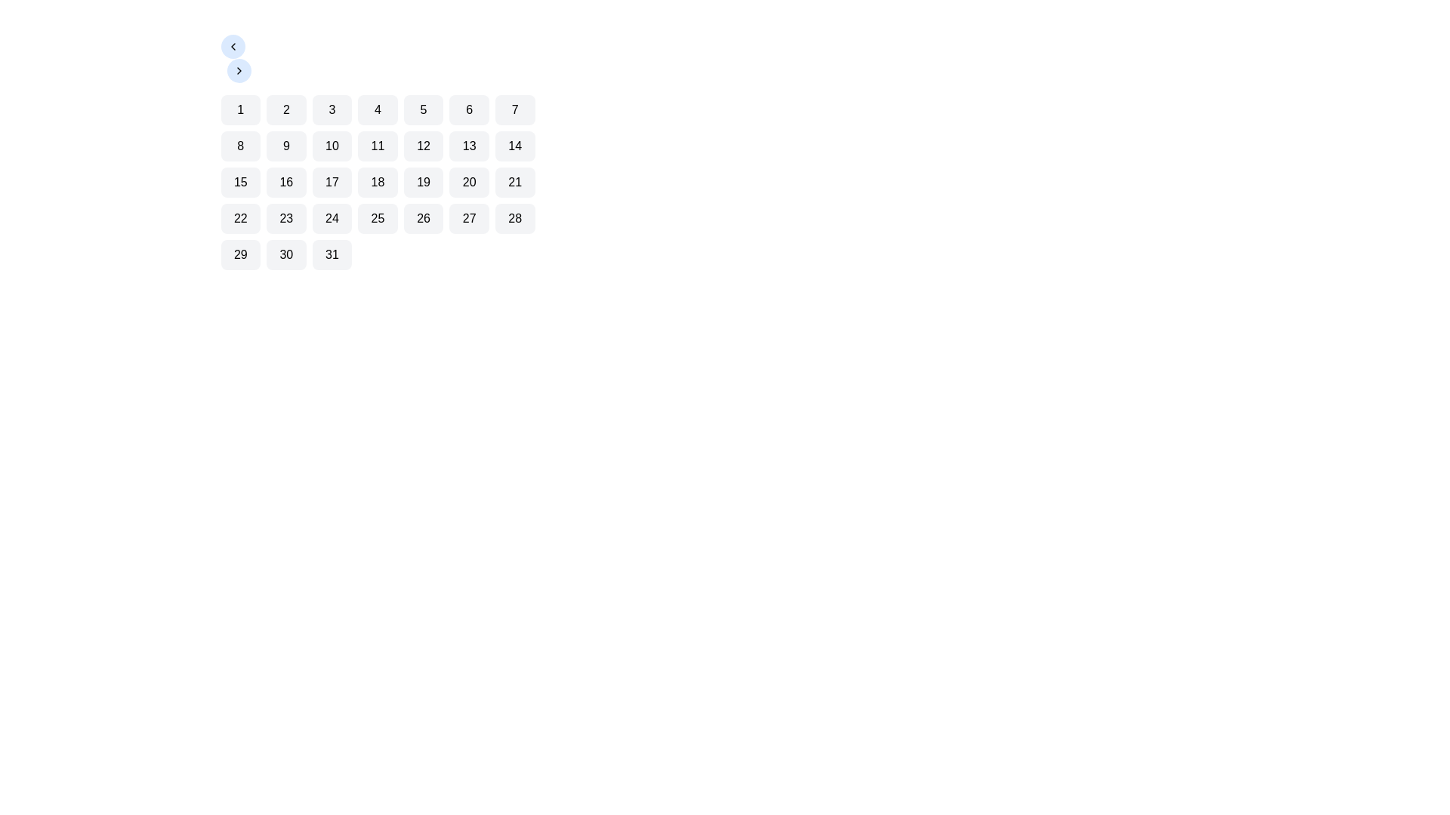 Image resolution: width=1450 pixels, height=815 pixels. Describe the element at coordinates (378, 146) in the screenshot. I see `the grid cell containing the number '11'` at that location.